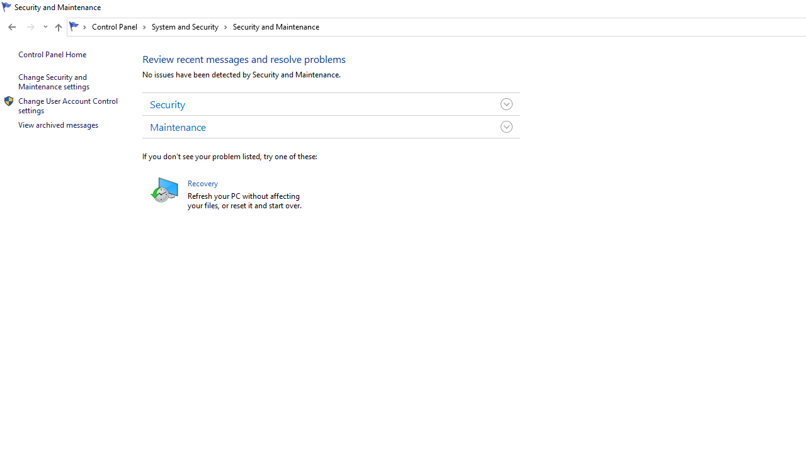  Describe the element at coordinates (26, 27) in the screenshot. I see `'Navigation buttons'` at that location.